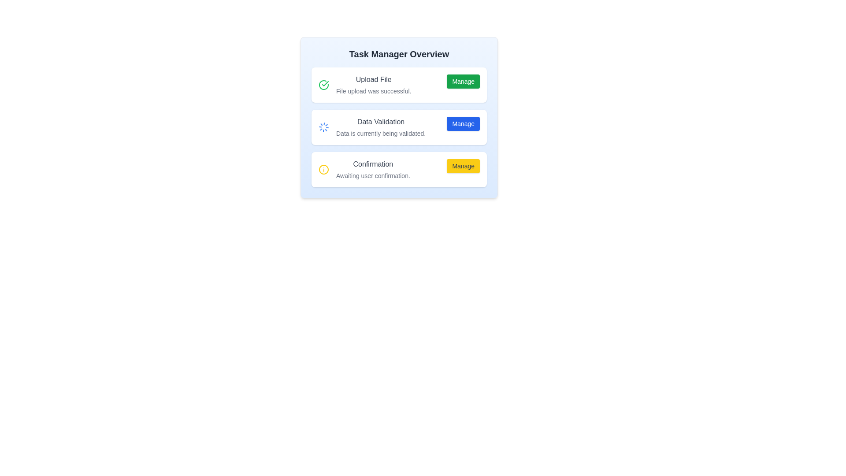  What do you see at coordinates (374, 80) in the screenshot?
I see `the label element that describes the current status of the file upload task, located in the upper-middle part of the 'Task Manager Overview' interface` at bounding box center [374, 80].